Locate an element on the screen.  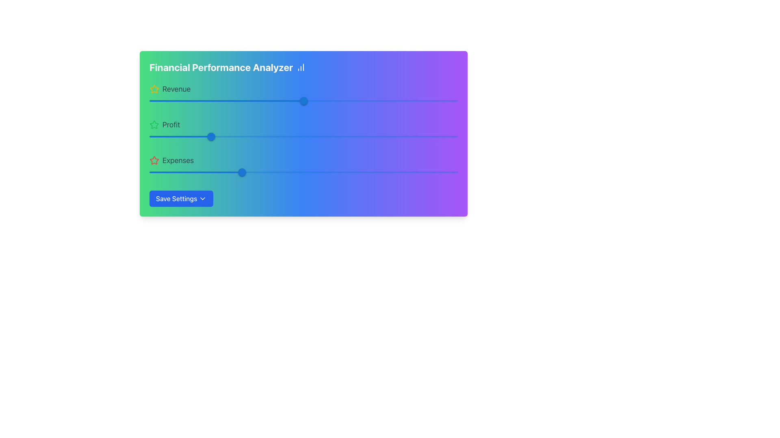
the Expenses slider is located at coordinates (257, 172).